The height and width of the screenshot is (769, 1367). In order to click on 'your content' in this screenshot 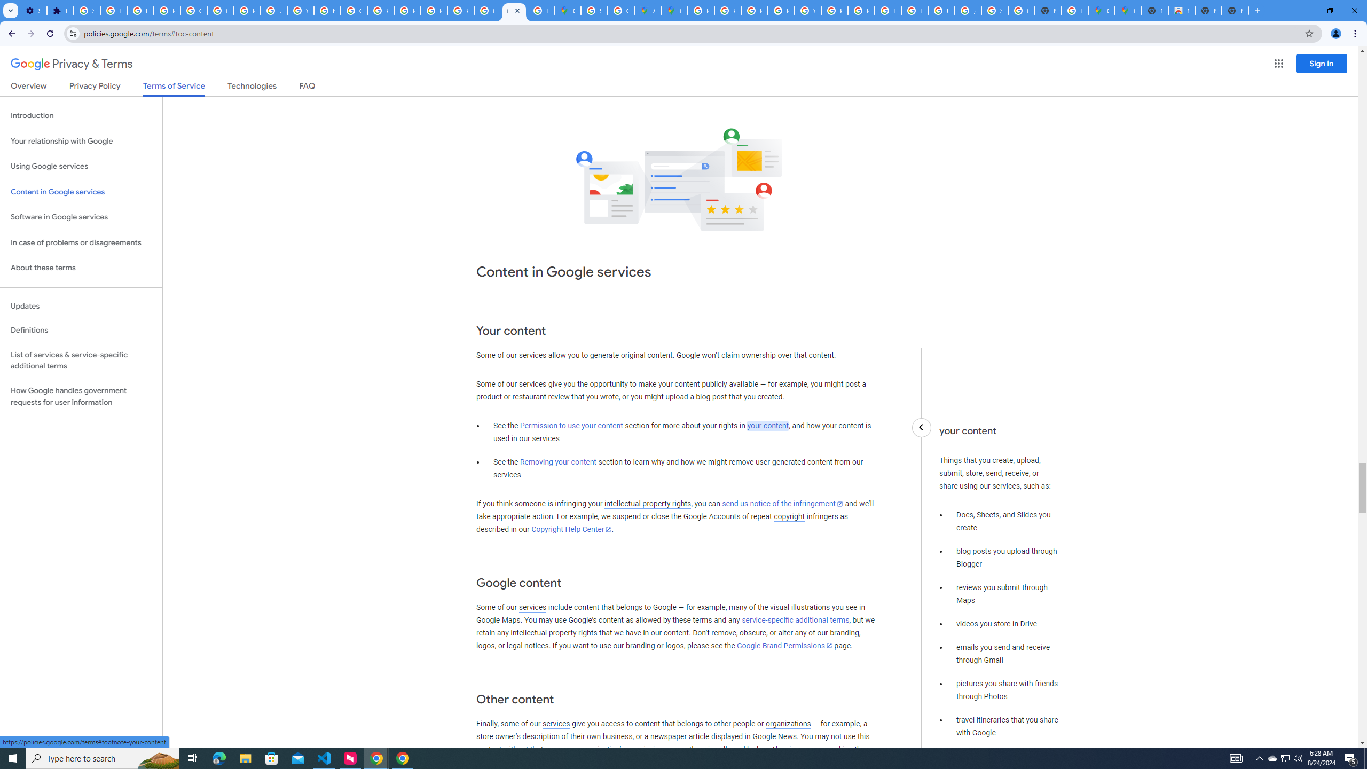, I will do `click(767, 426)`.